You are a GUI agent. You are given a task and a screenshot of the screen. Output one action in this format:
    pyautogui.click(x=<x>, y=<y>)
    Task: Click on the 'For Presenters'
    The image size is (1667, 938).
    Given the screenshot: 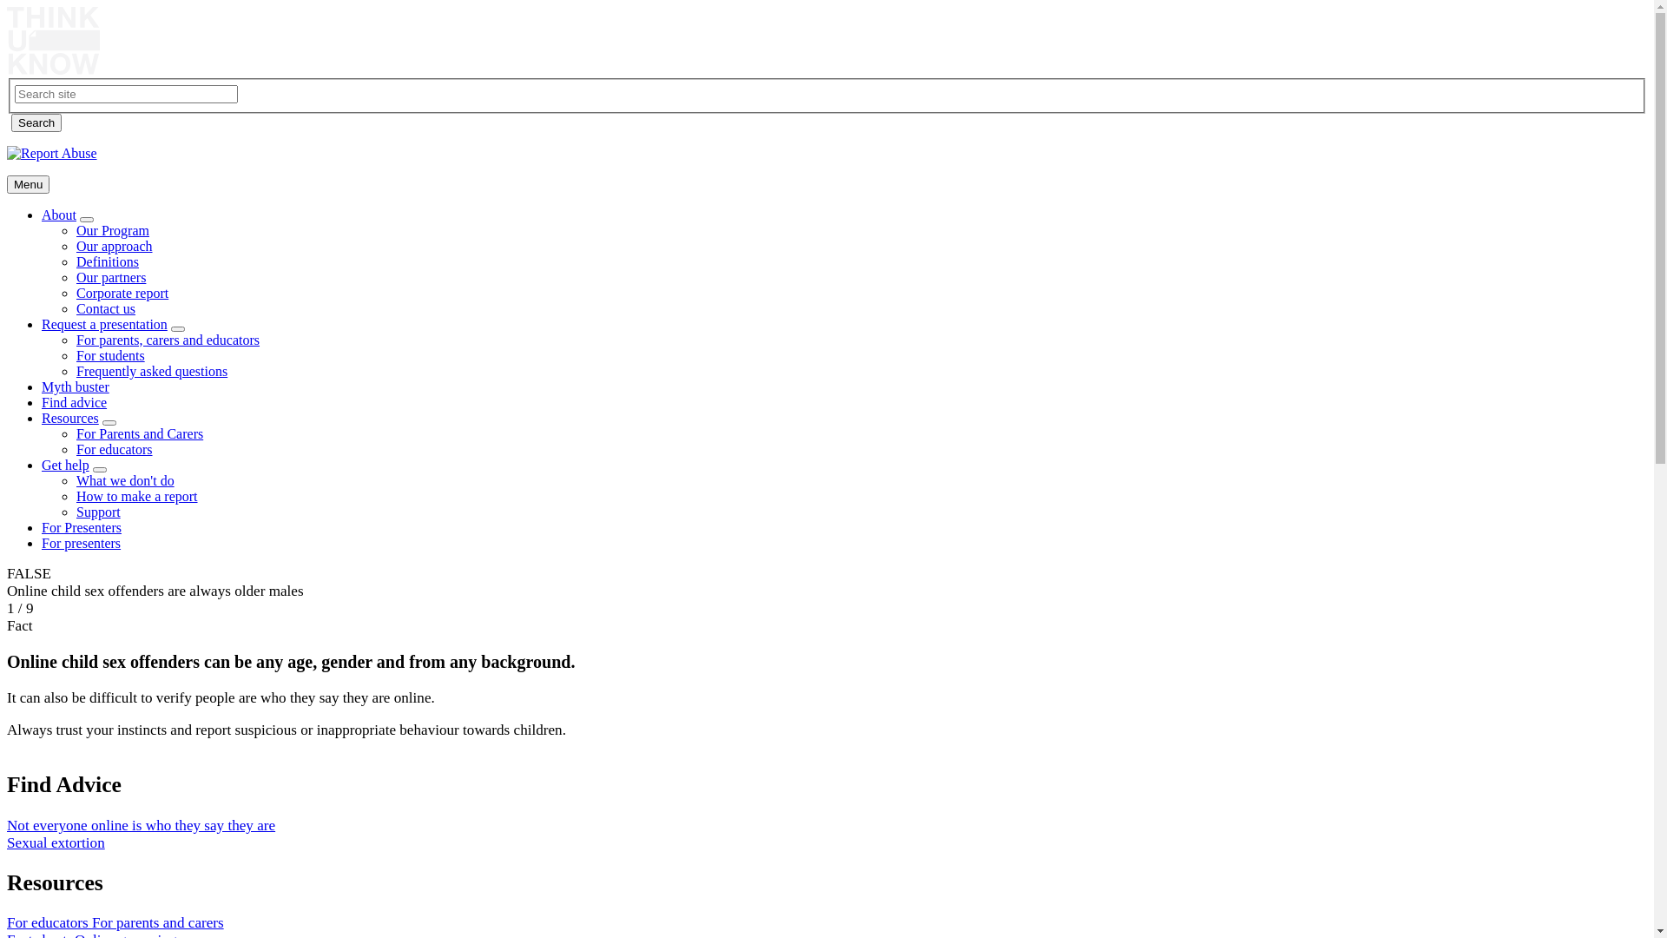 What is the action you would take?
    pyautogui.click(x=81, y=526)
    